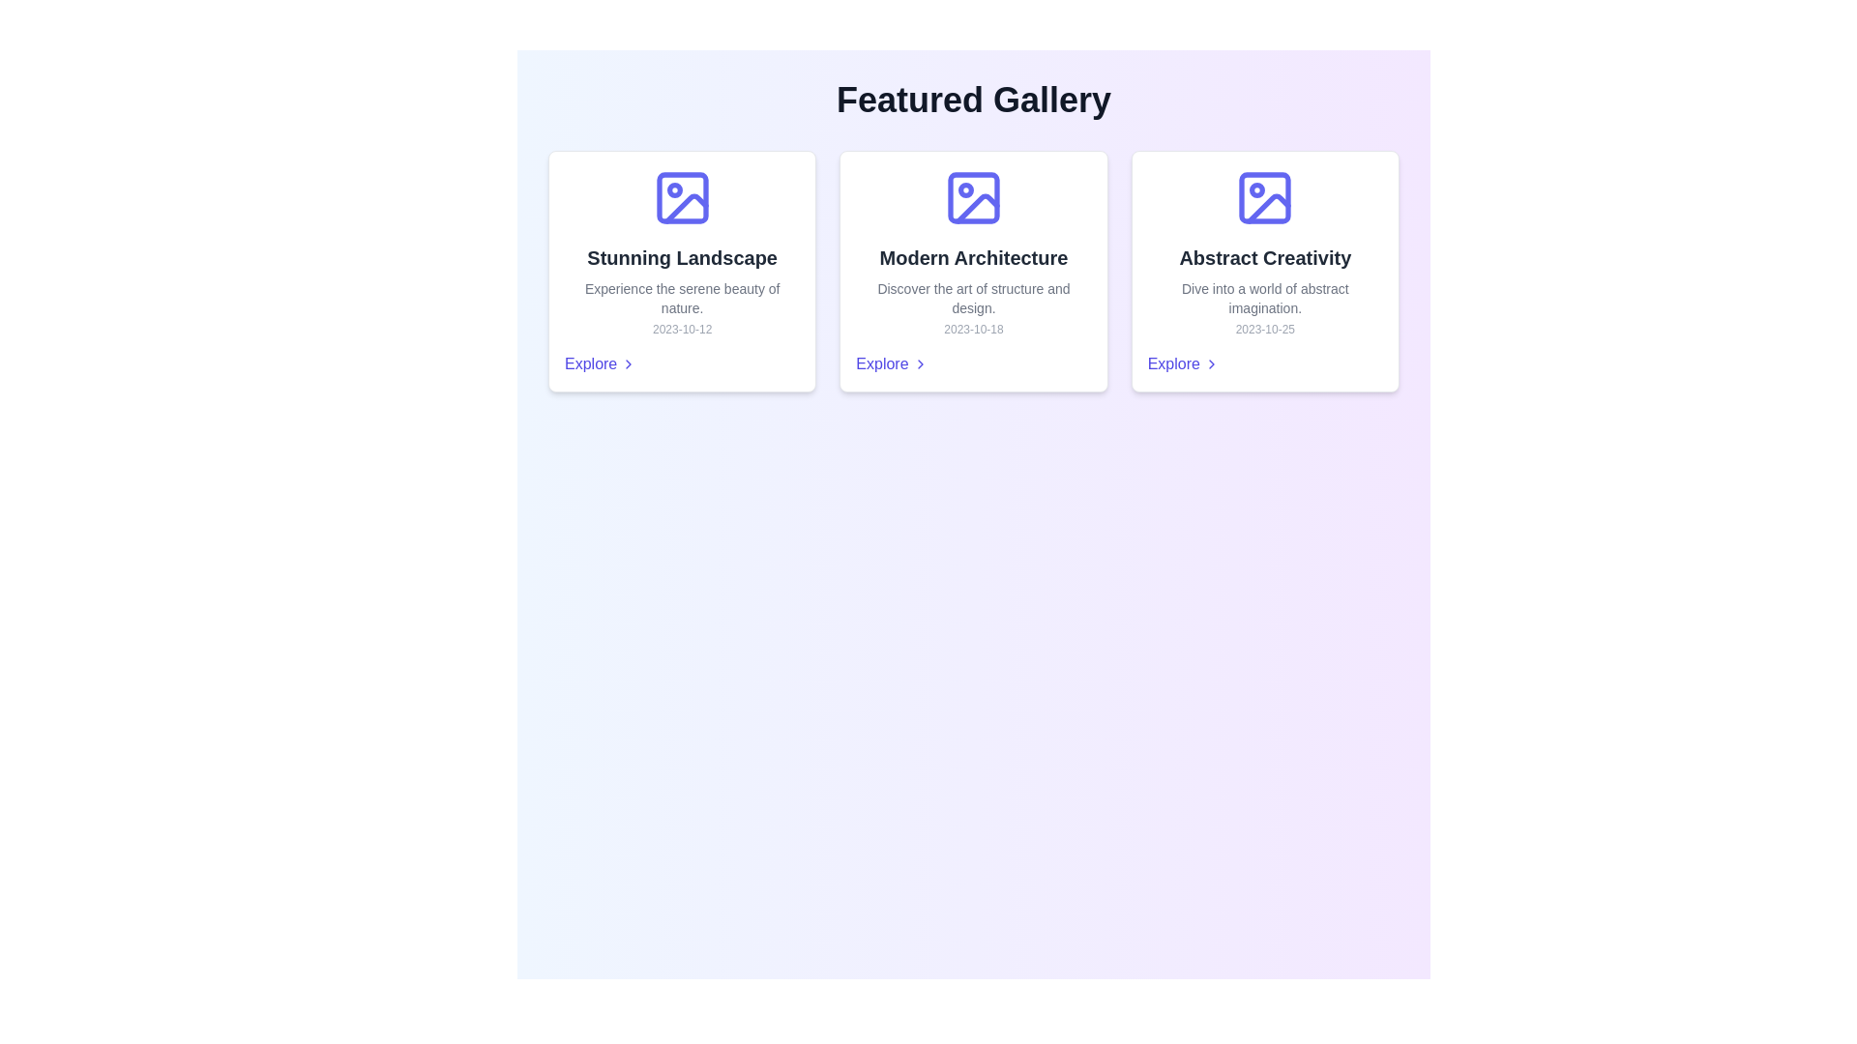 The height and width of the screenshot is (1044, 1857). I want to click on the text label displaying '2023-10-12', which is in light gray font and positioned at the bottom of the card layout, just above the 'Explore' link, so click(682, 328).